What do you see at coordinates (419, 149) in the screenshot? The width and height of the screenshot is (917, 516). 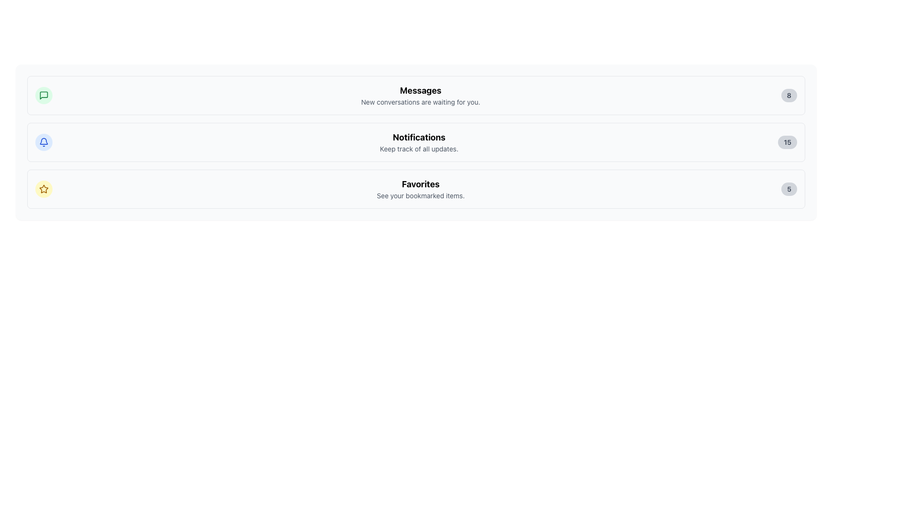 I see `the text element that reads 'Keep track of all updates.' which is styled in a small gray font and located directly beneath the 'Notifications' heading` at bounding box center [419, 149].